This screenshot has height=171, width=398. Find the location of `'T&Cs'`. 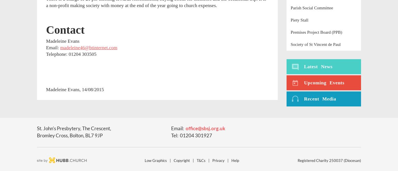

'T&Cs' is located at coordinates (201, 160).